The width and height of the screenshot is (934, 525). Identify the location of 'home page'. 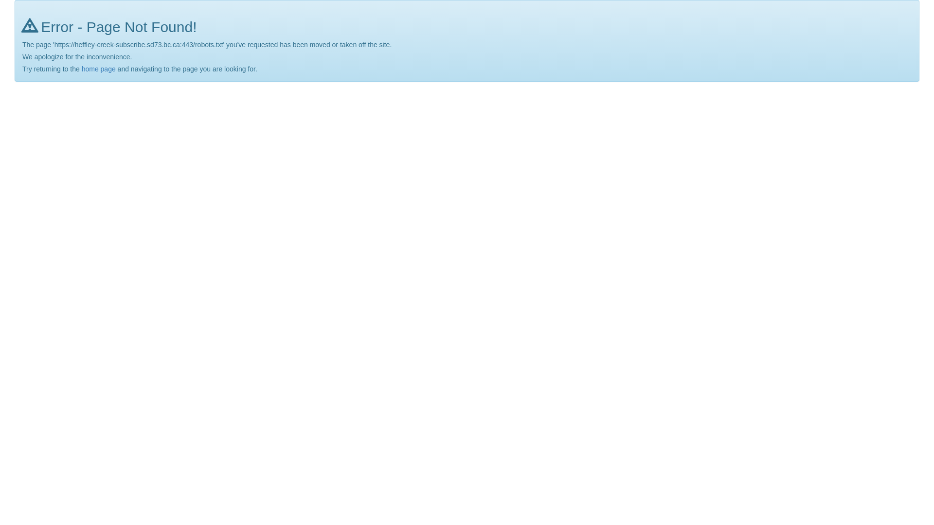
(82, 69).